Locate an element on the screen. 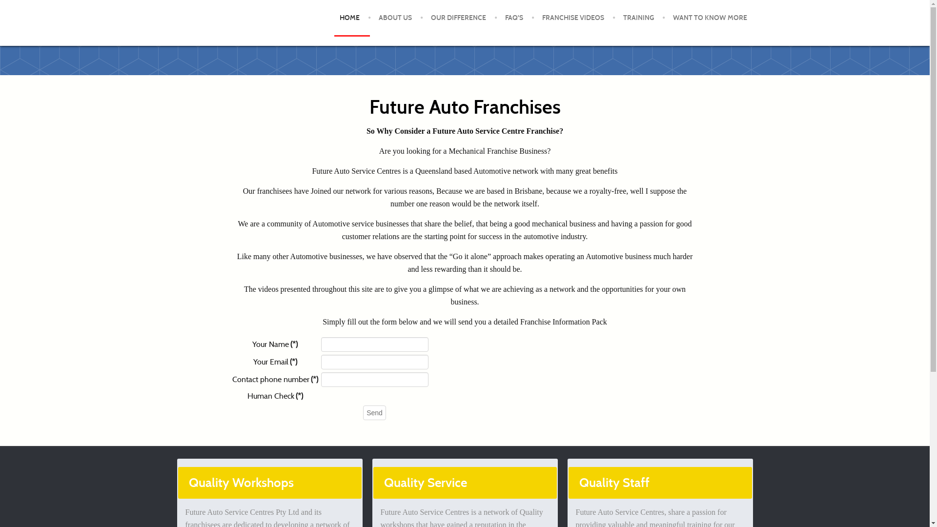 The height and width of the screenshot is (527, 937). 'ABOUT US' is located at coordinates (370, 18).